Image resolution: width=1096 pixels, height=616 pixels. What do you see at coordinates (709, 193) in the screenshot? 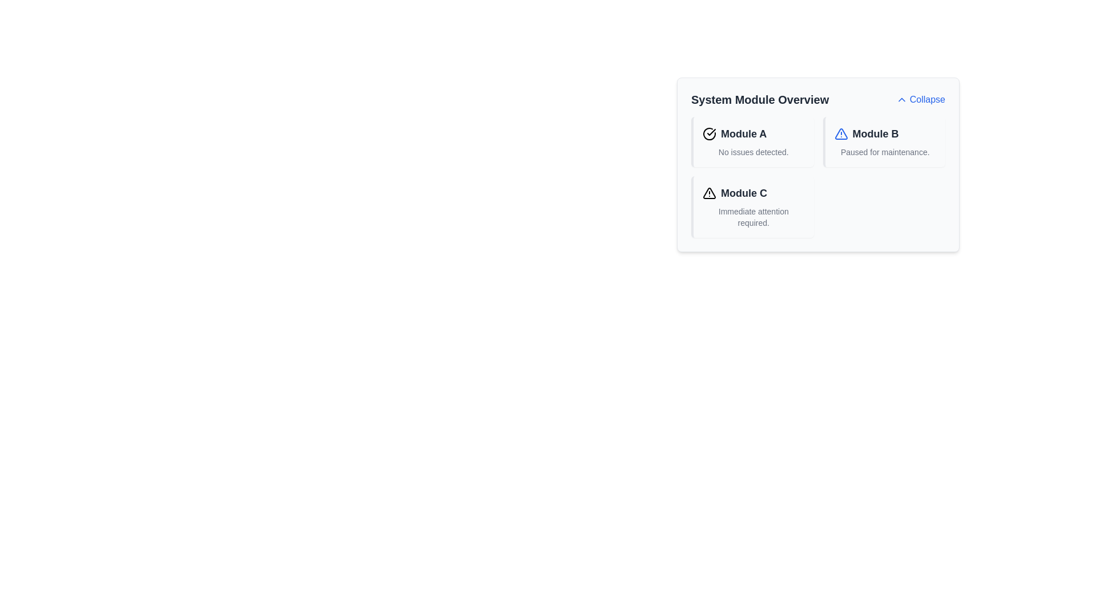
I see `the alert icon located to the left of the text 'Module C'` at bounding box center [709, 193].